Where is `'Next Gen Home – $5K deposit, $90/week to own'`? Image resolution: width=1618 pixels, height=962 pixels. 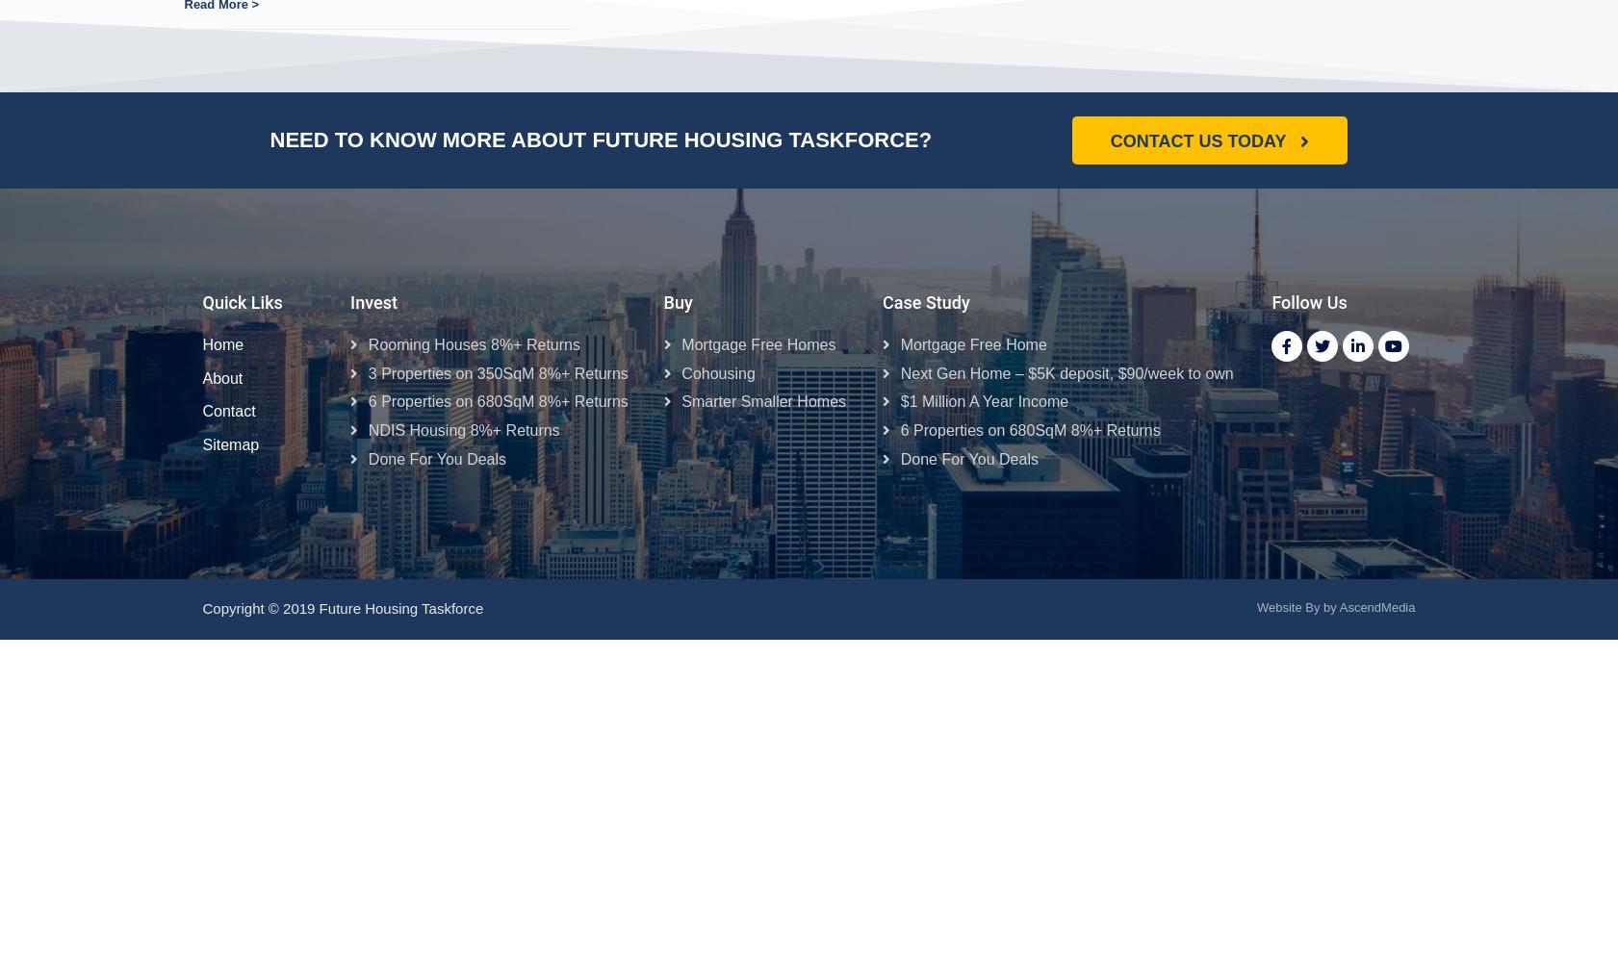 'Next Gen Home – $5K deposit, $90/week to own' is located at coordinates (1074, 372).